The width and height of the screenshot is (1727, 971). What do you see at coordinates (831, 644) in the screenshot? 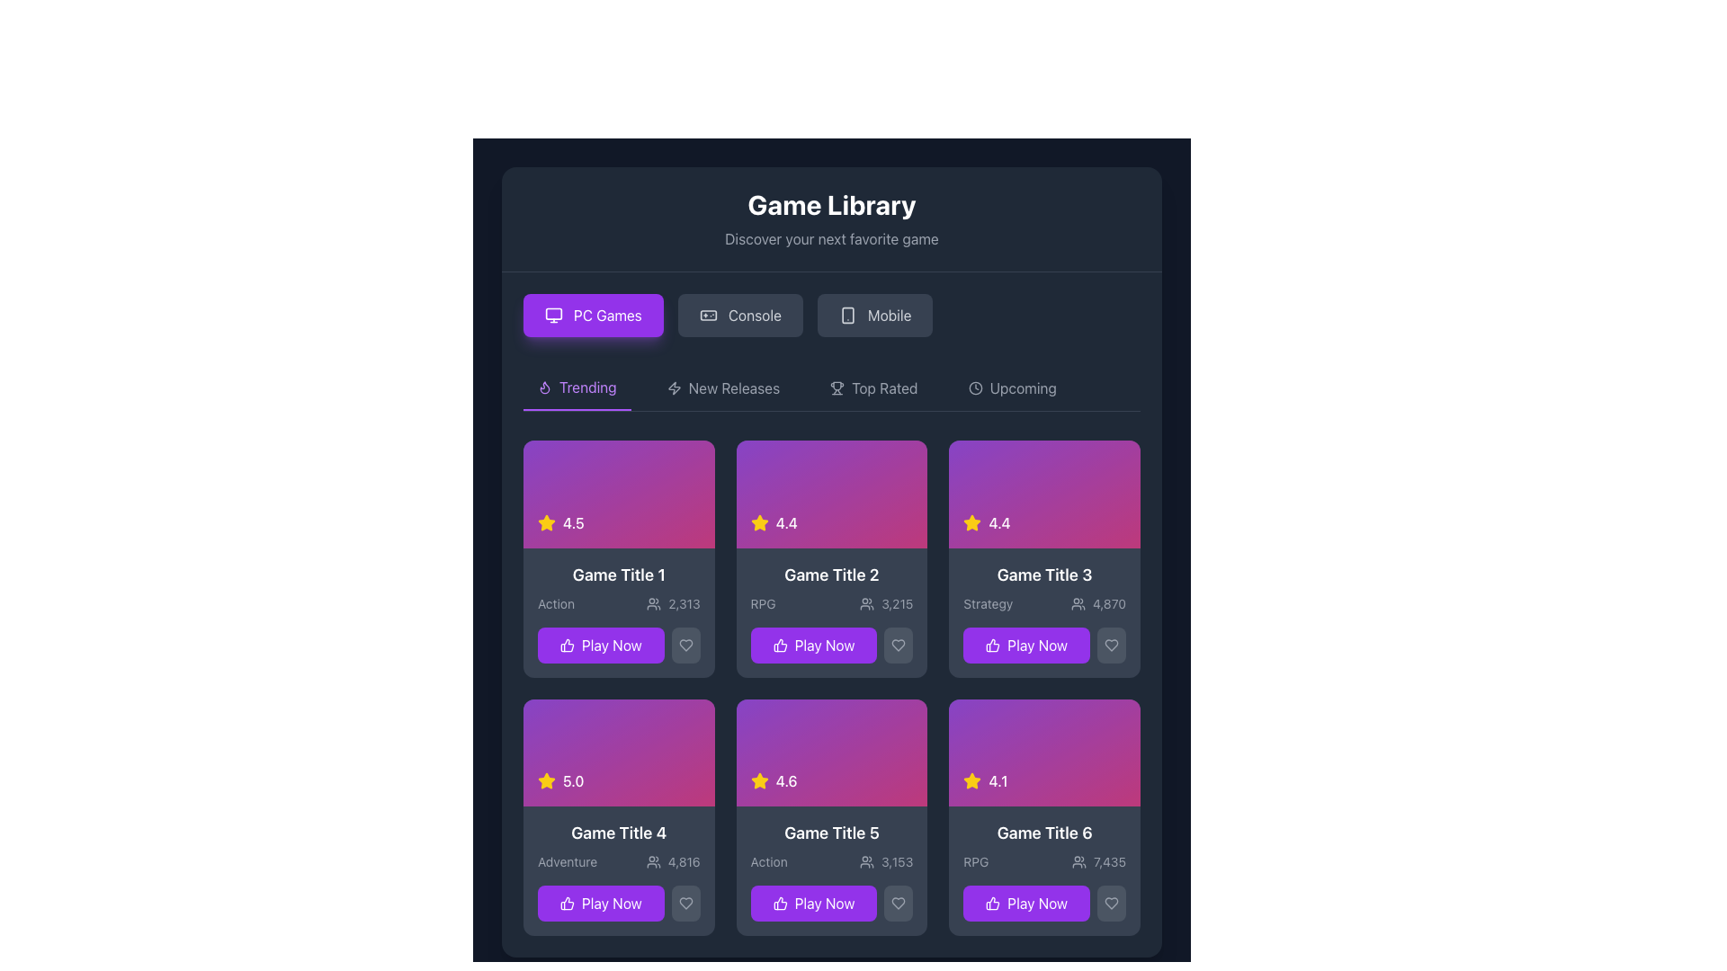
I see `the button` at bounding box center [831, 644].